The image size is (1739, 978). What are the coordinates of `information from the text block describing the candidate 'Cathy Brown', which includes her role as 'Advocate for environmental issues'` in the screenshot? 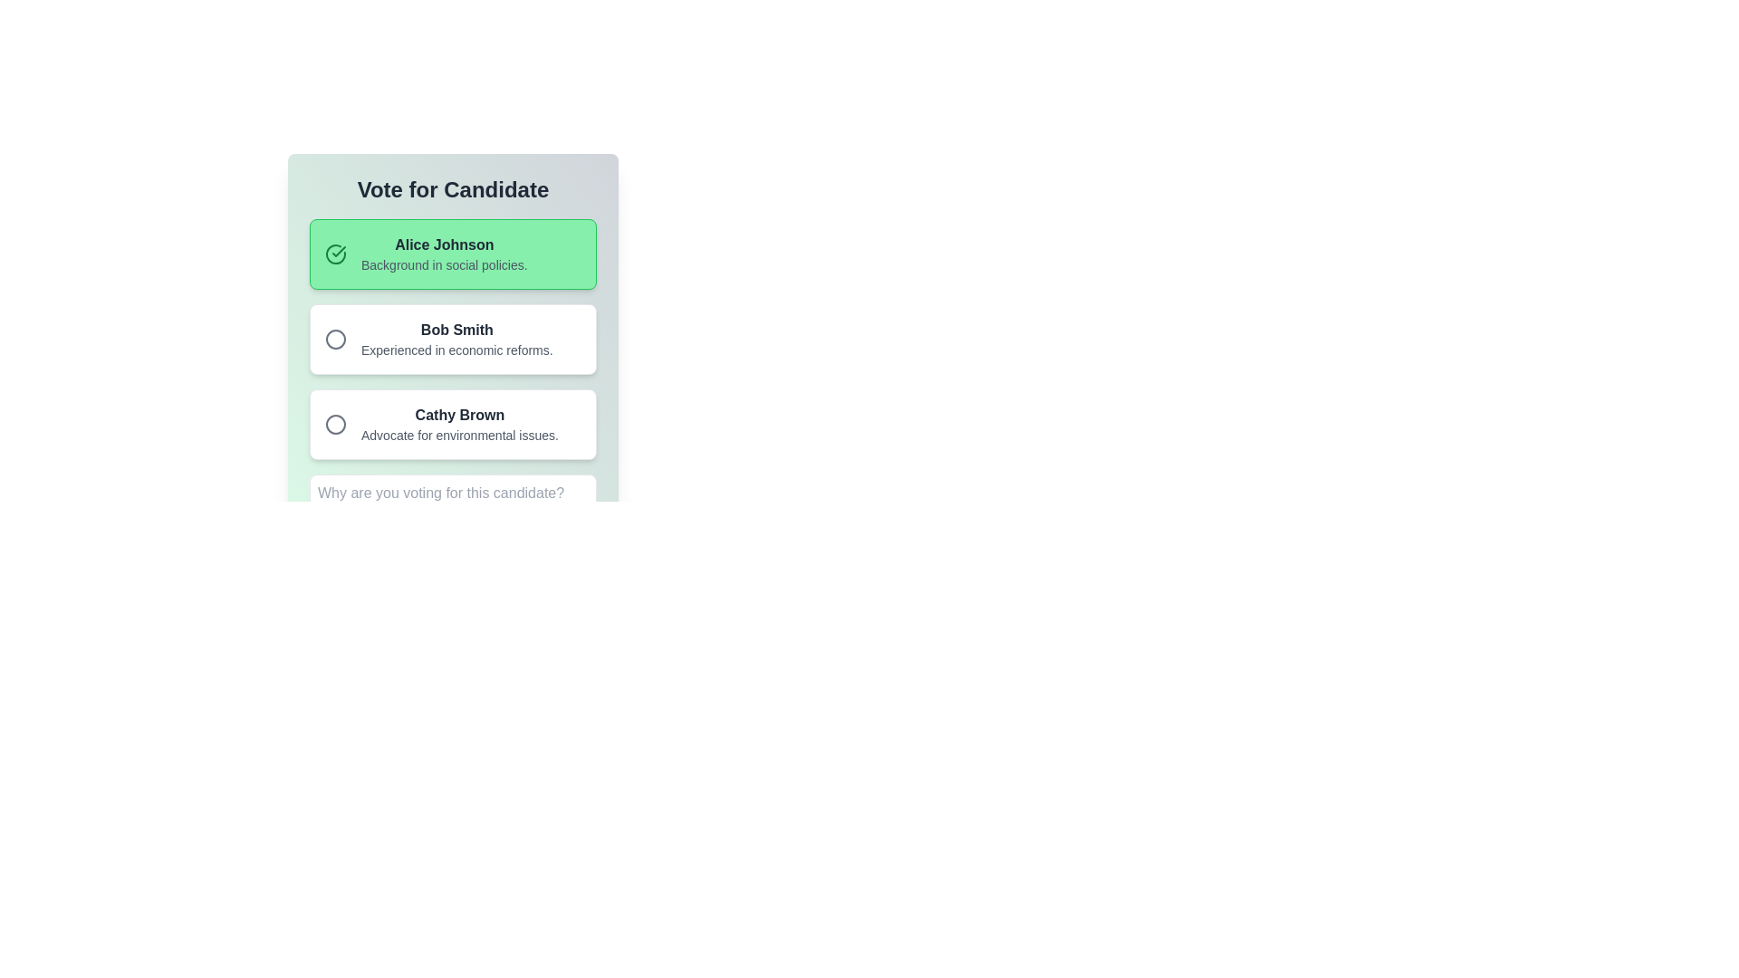 It's located at (460, 425).